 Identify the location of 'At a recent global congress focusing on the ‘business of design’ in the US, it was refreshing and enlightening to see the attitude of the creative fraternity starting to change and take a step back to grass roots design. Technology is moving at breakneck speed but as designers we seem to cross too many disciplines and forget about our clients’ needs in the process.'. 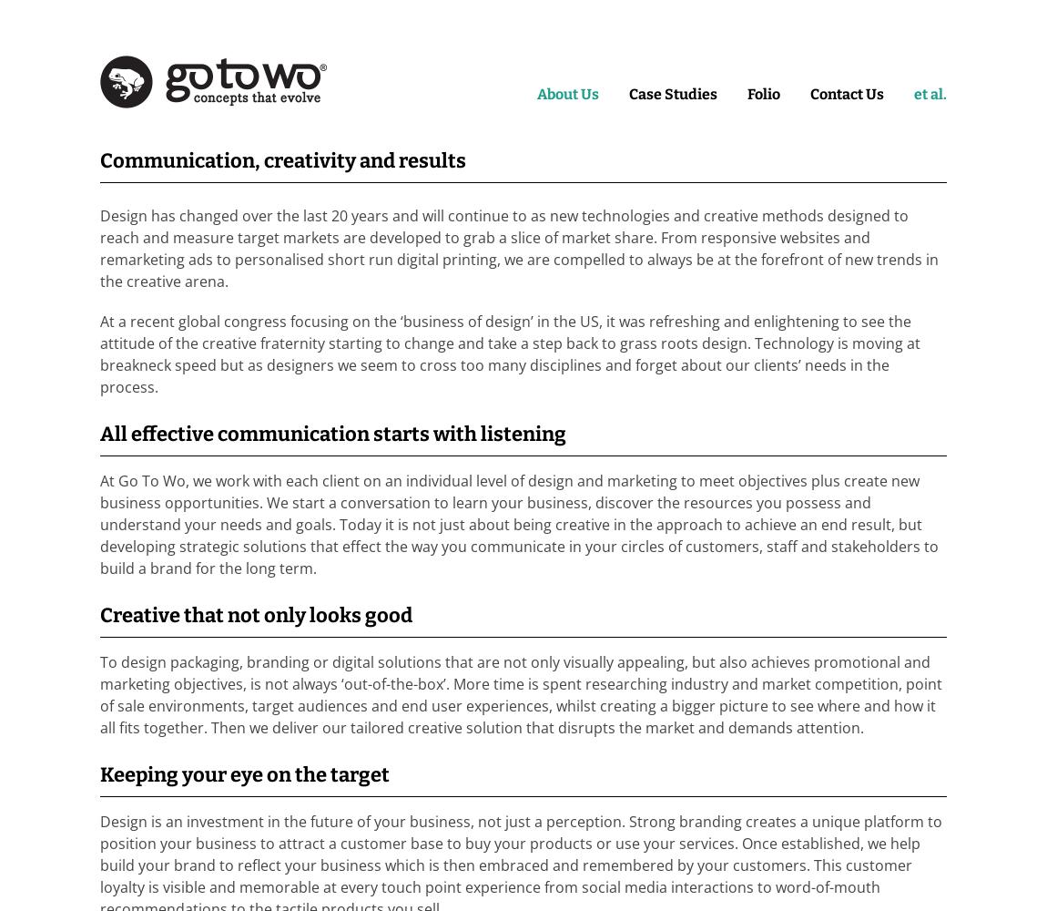
(510, 354).